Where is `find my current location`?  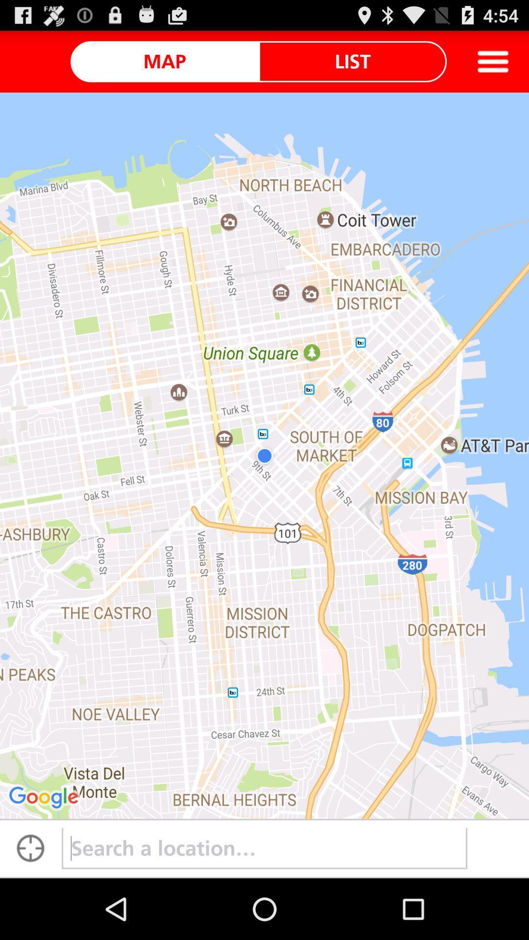 find my current location is located at coordinates (30, 848).